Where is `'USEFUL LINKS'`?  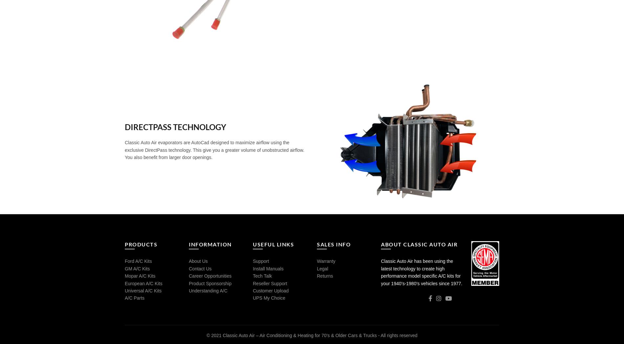 'USEFUL LINKS' is located at coordinates (273, 244).